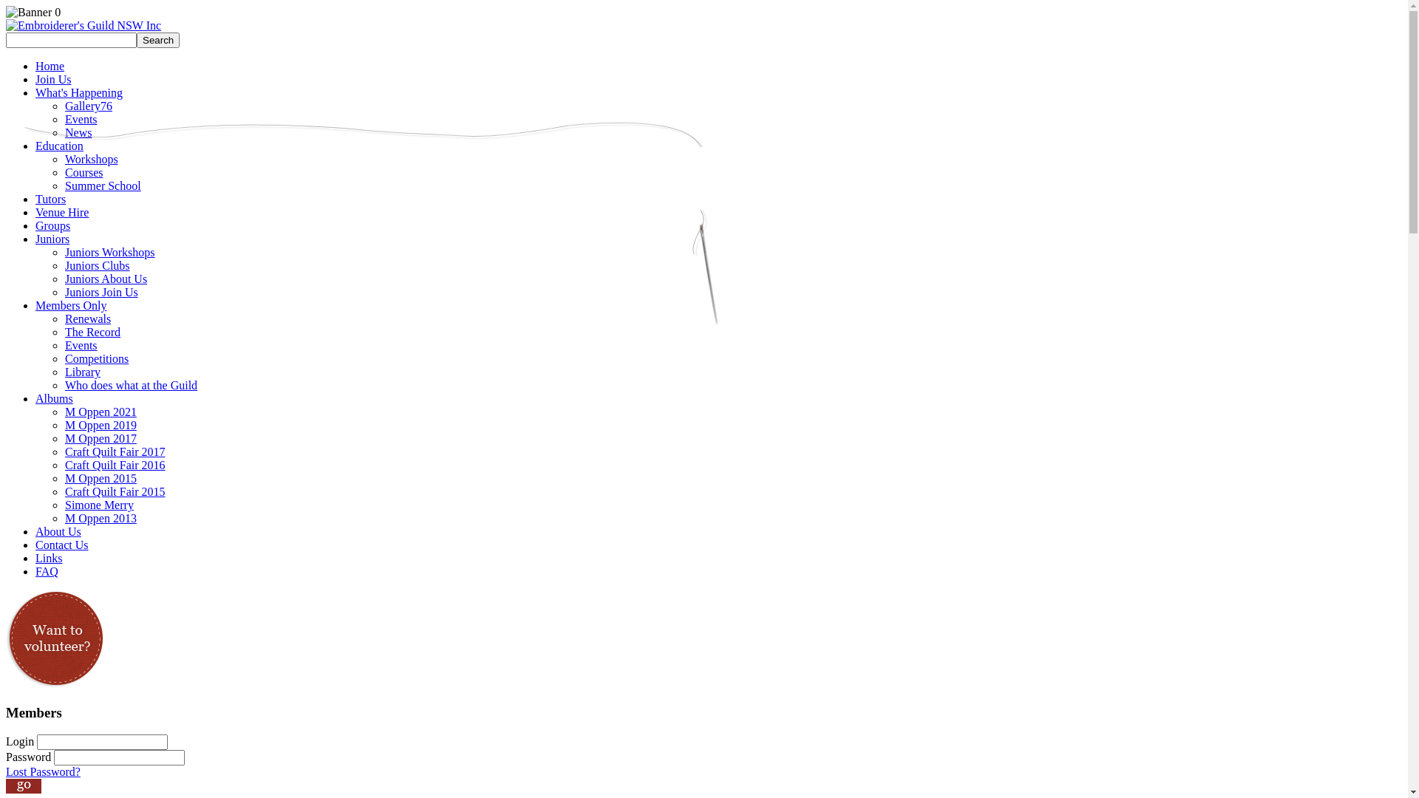 This screenshot has height=798, width=1419. Describe the element at coordinates (52, 225) in the screenshot. I see `'Groups'` at that location.